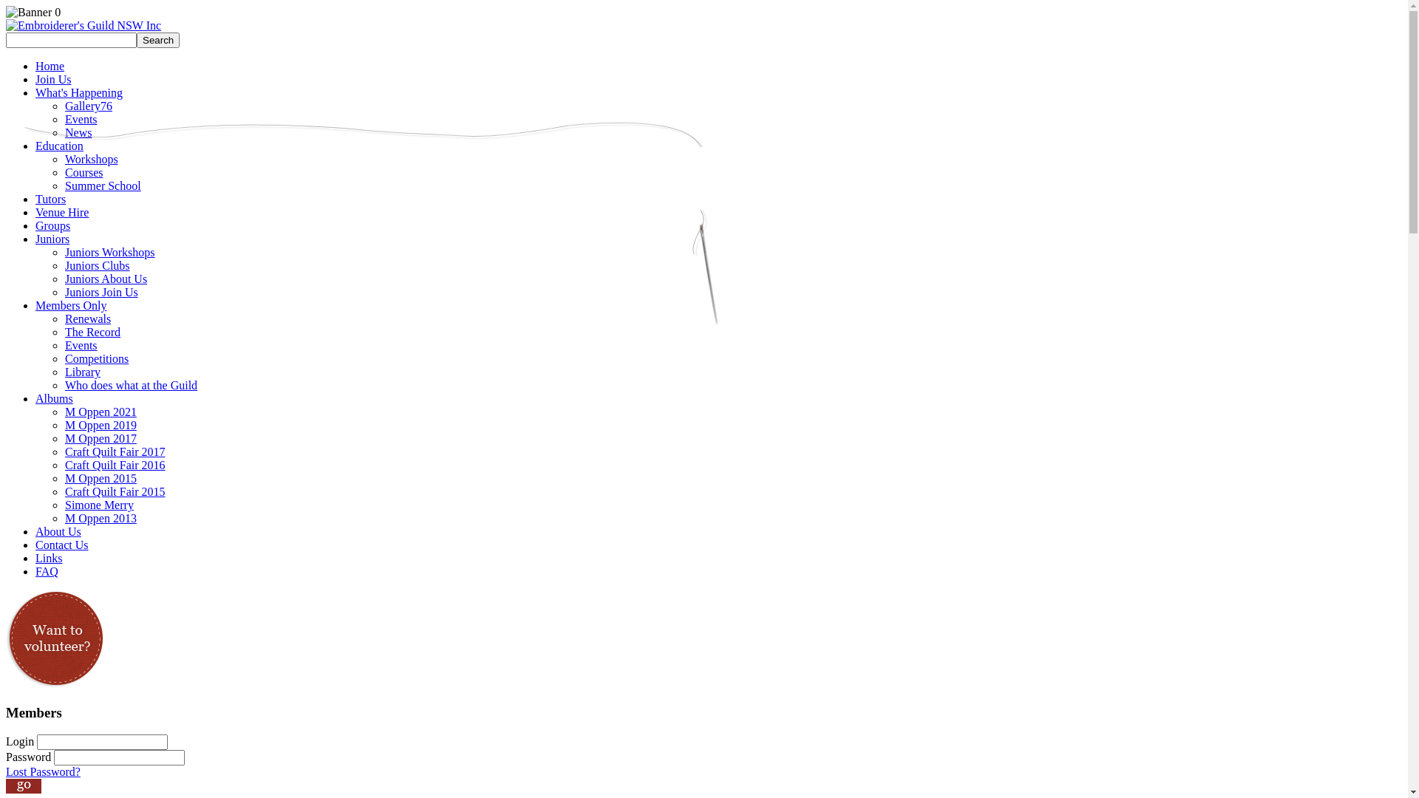 This screenshot has height=798, width=1419. Describe the element at coordinates (52, 225) in the screenshot. I see `'Groups'` at that location.